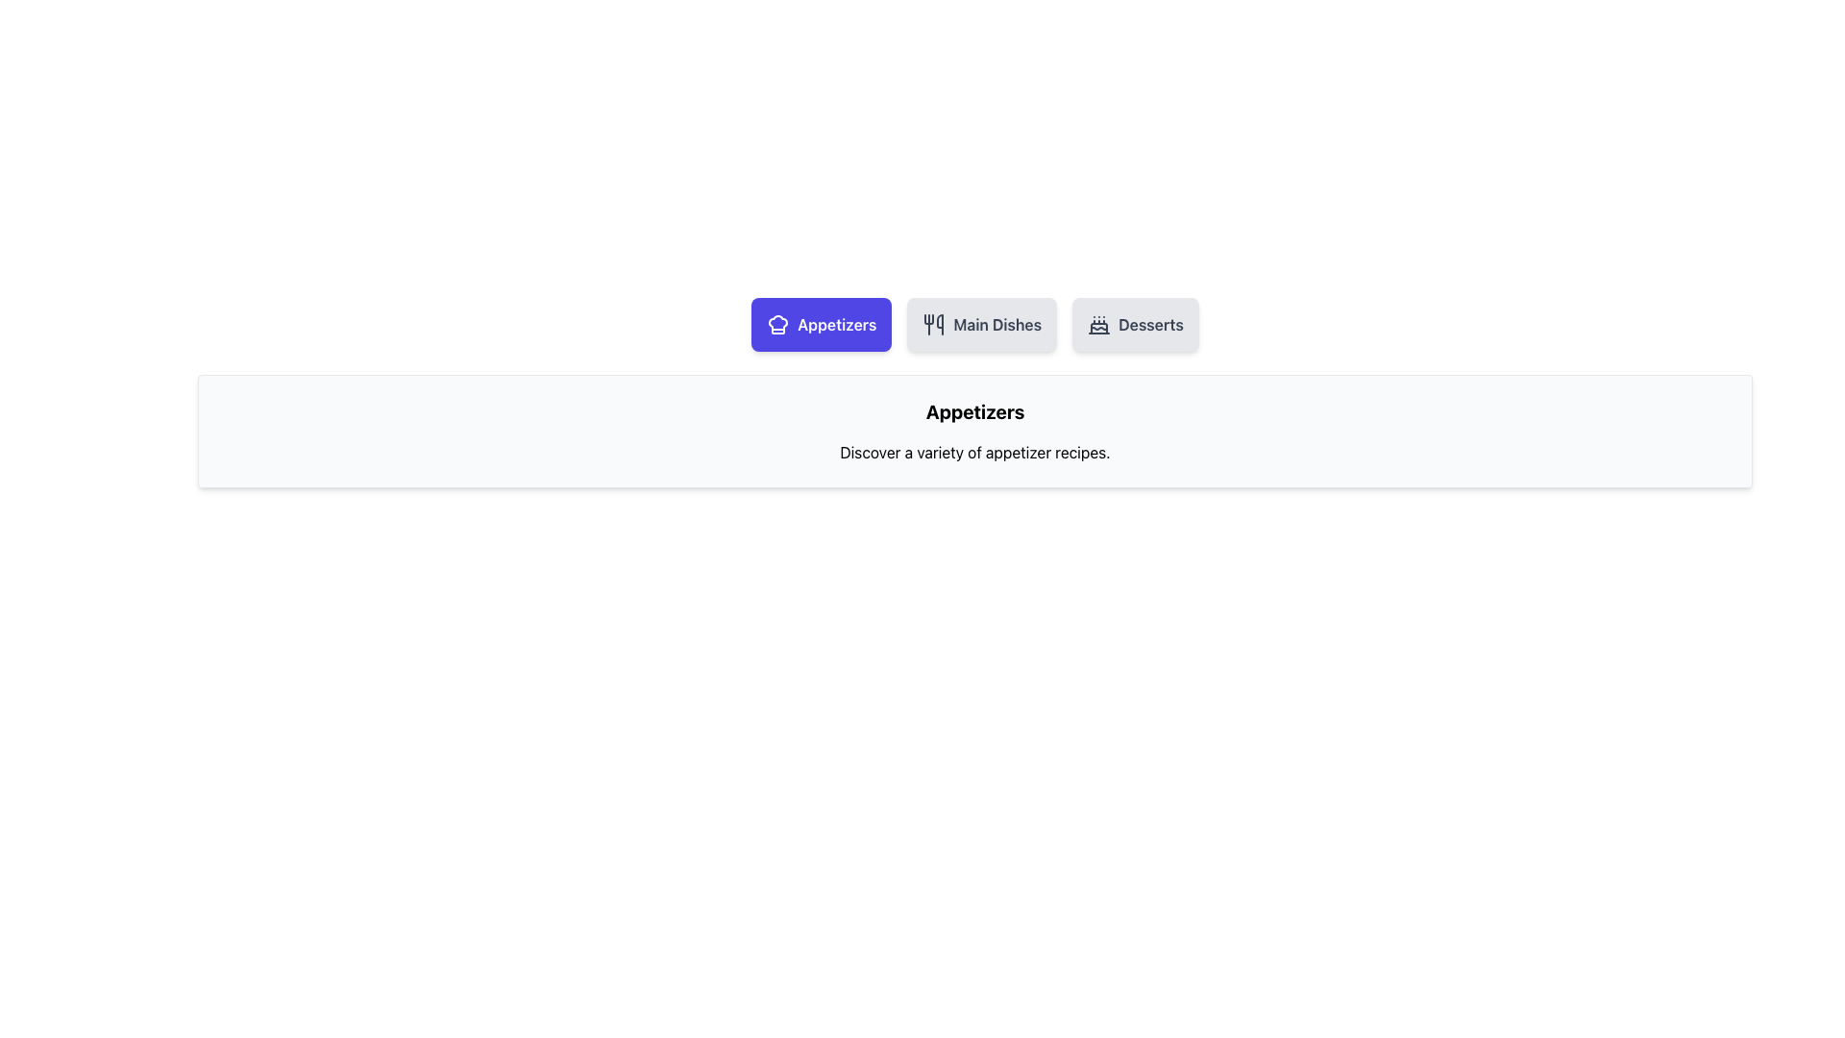 This screenshot has height=1038, width=1845. I want to click on the 'Appetizers' text header, which is styled in bold, large font and centrally aligned at the top of the content area to possibly highlight or show additional information, so click(974, 410).